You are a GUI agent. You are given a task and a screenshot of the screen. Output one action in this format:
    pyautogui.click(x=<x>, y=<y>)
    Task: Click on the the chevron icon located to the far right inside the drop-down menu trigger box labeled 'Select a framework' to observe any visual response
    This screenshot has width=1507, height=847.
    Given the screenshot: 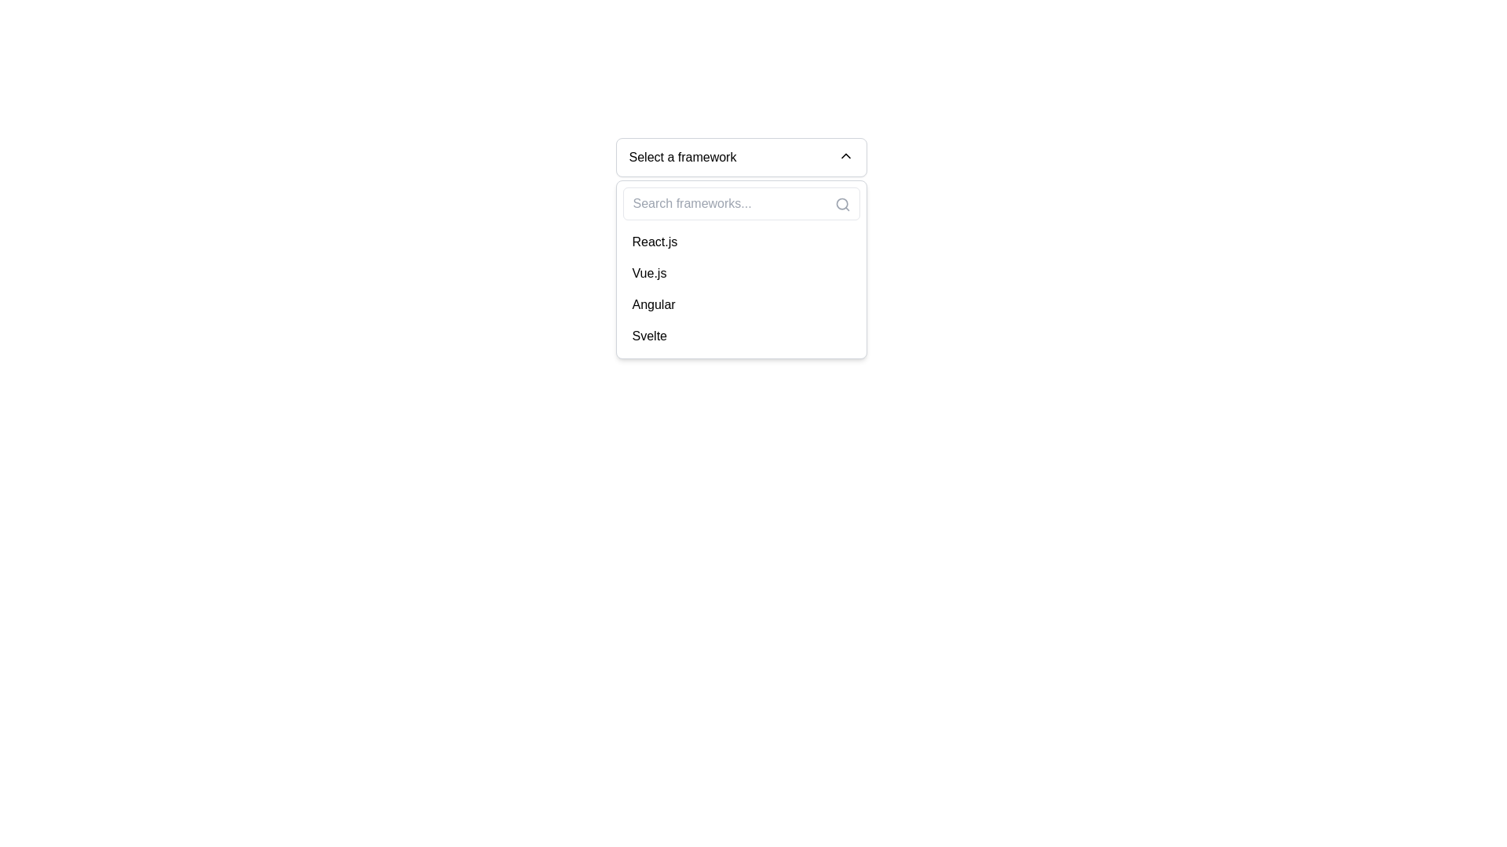 What is the action you would take?
    pyautogui.click(x=845, y=156)
    